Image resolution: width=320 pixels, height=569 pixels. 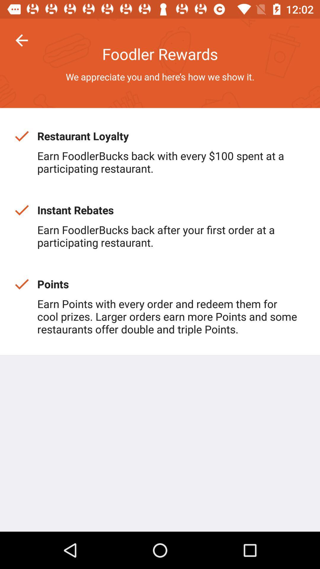 What do you see at coordinates (21, 40) in the screenshot?
I see `icon above the we appreciate you icon` at bounding box center [21, 40].